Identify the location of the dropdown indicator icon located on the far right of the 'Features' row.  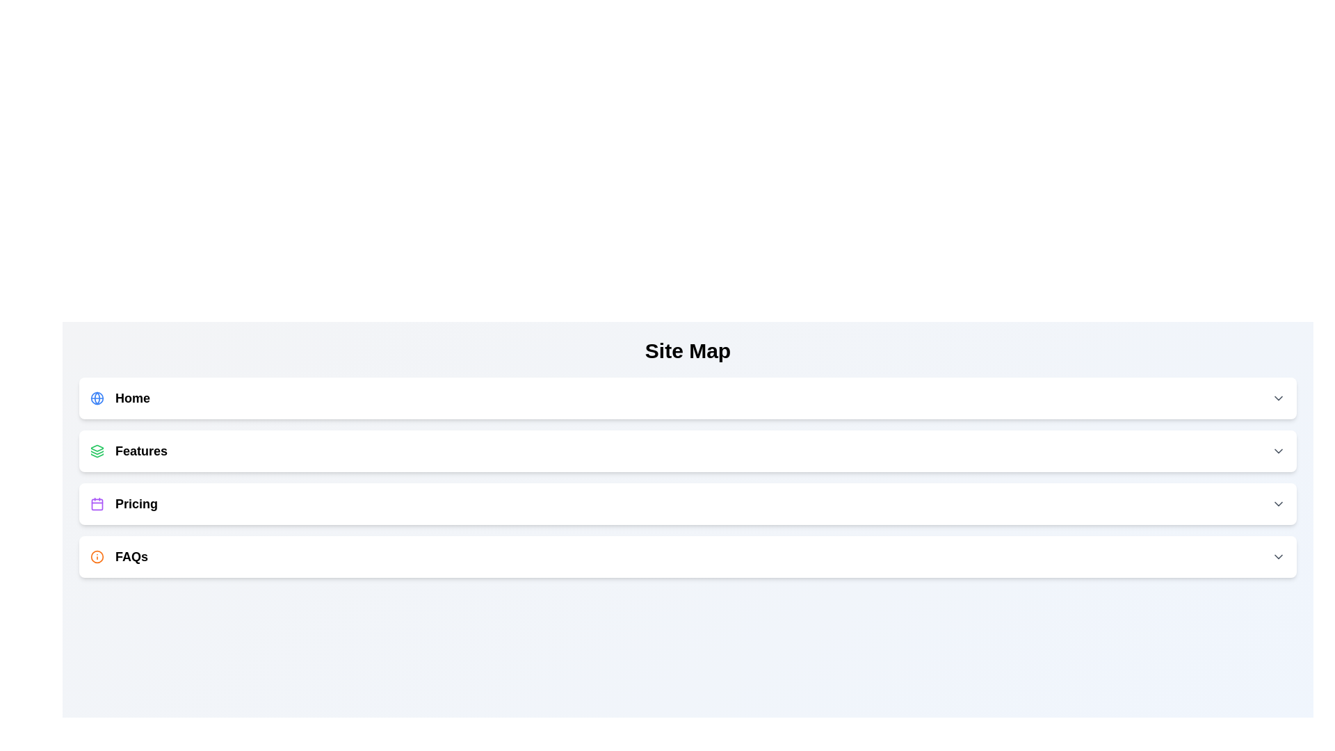
(1278, 451).